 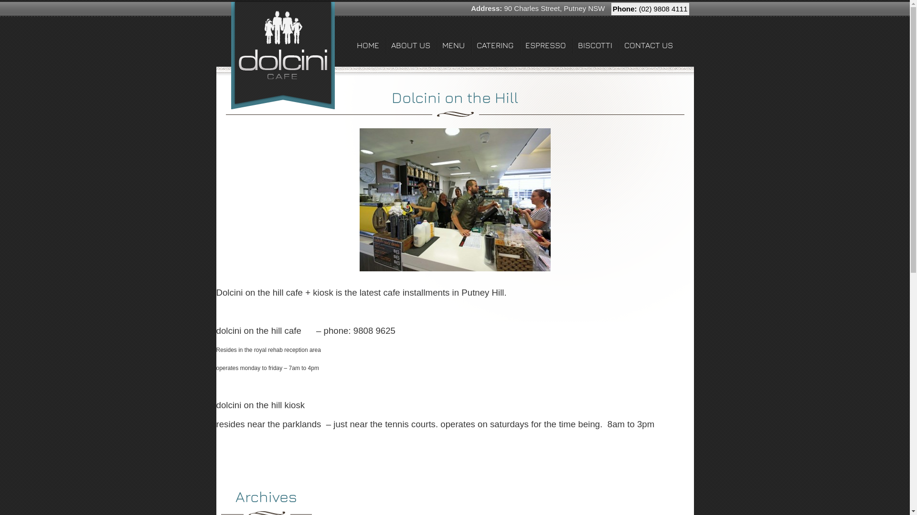 I want to click on 'ESPRESSO', so click(x=545, y=38).